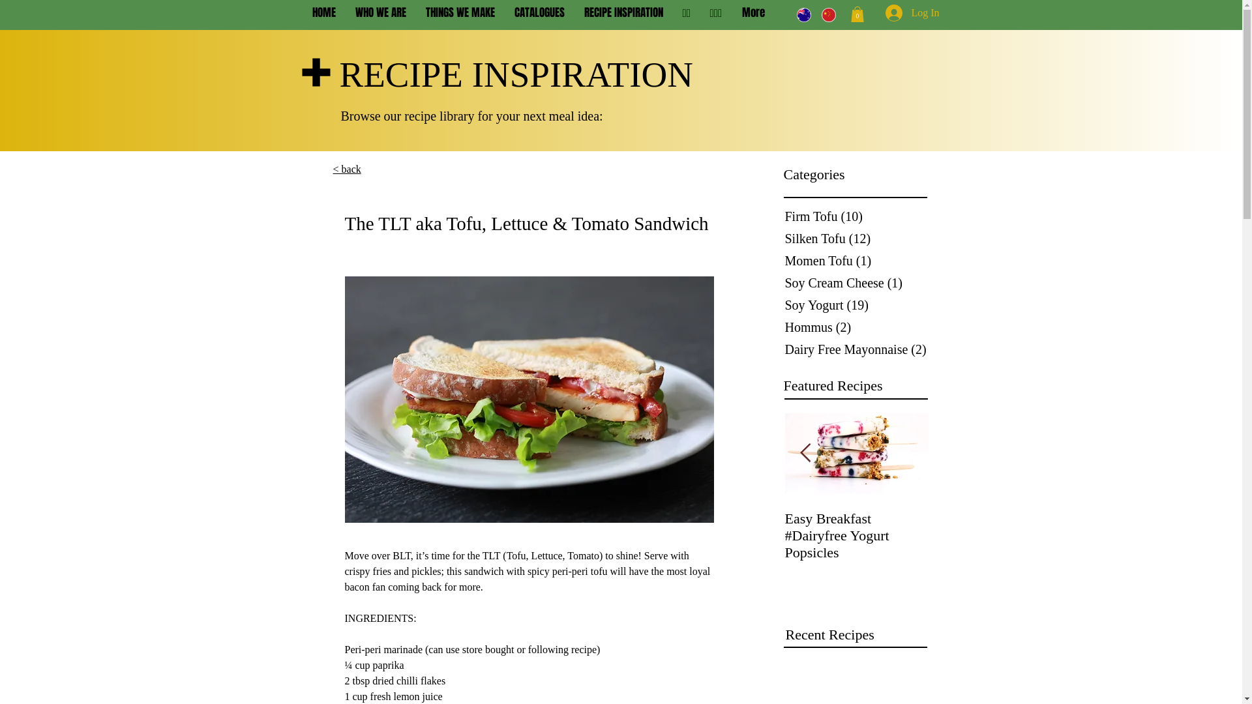 The width and height of the screenshot is (1252, 704). What do you see at coordinates (893, 12) in the screenshot?
I see `'Log In'` at bounding box center [893, 12].